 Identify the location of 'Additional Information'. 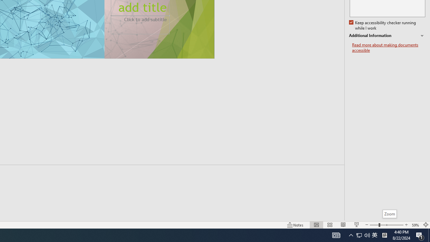
(387, 36).